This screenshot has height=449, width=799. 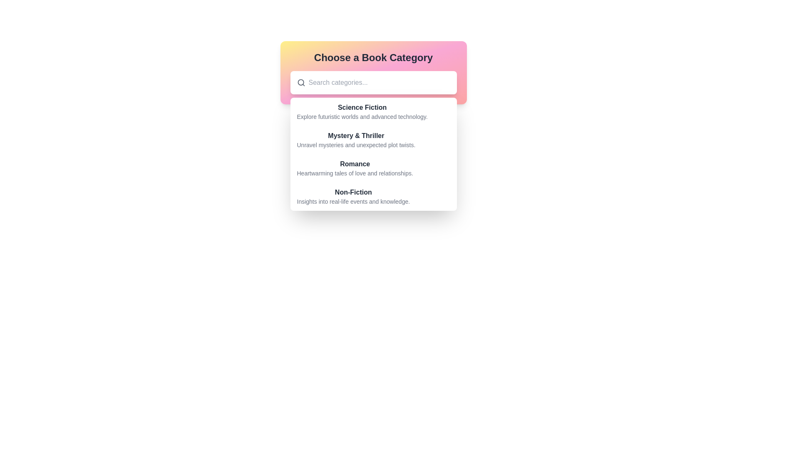 I want to click on the 'Romance' category text display element in the book selection interface, which is the third entry in the list under the 'Choose a Book Category' header, so click(x=355, y=168).